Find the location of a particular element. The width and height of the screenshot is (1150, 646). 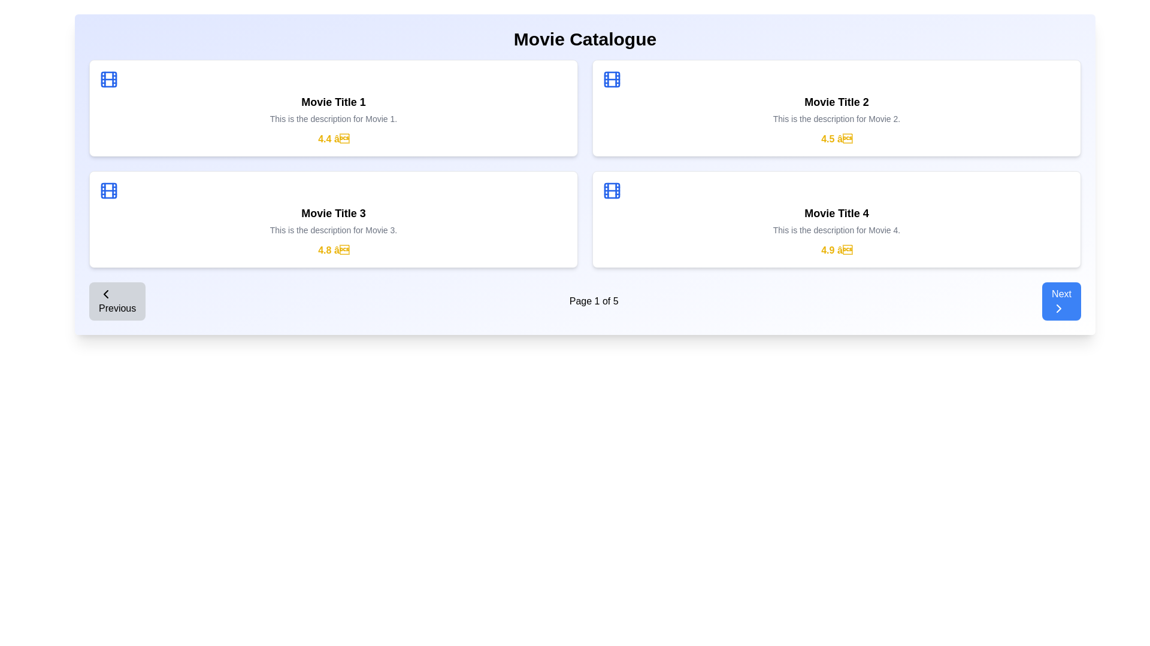

text of the movie title label located in the lower-left section of the movie cards grid is located at coordinates (333, 213).